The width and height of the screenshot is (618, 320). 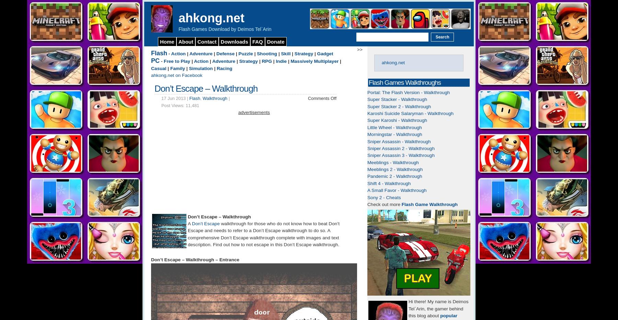 I want to click on 'Simulation', so click(x=201, y=68).